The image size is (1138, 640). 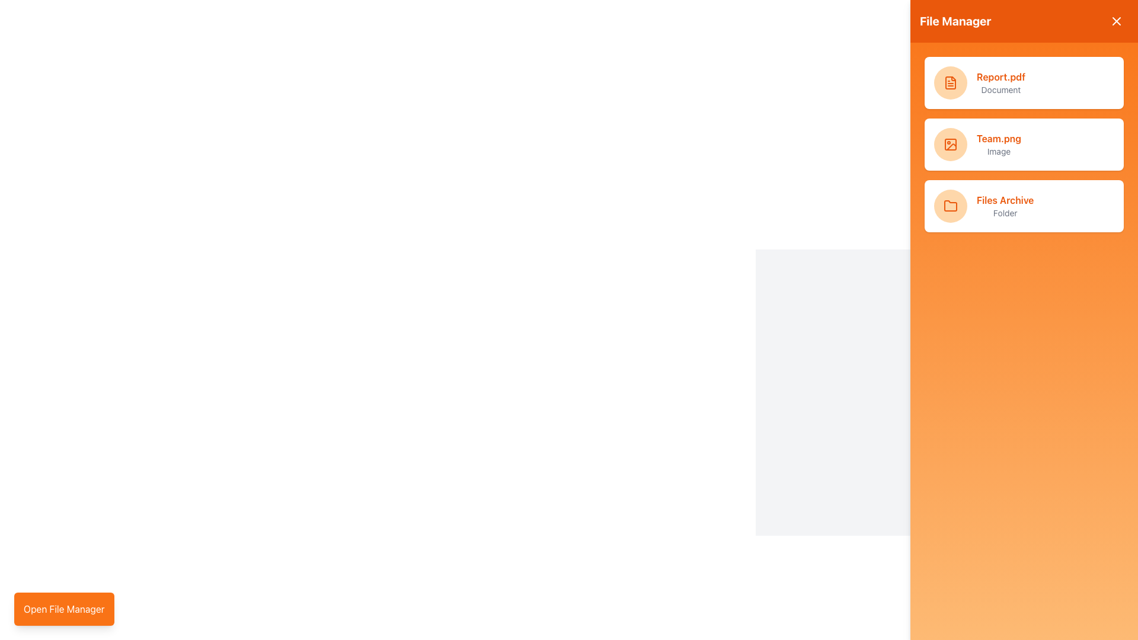 What do you see at coordinates (1115, 21) in the screenshot?
I see `the small square button with an 'X' icon located in the top-right corner of the 'File Manager' header` at bounding box center [1115, 21].